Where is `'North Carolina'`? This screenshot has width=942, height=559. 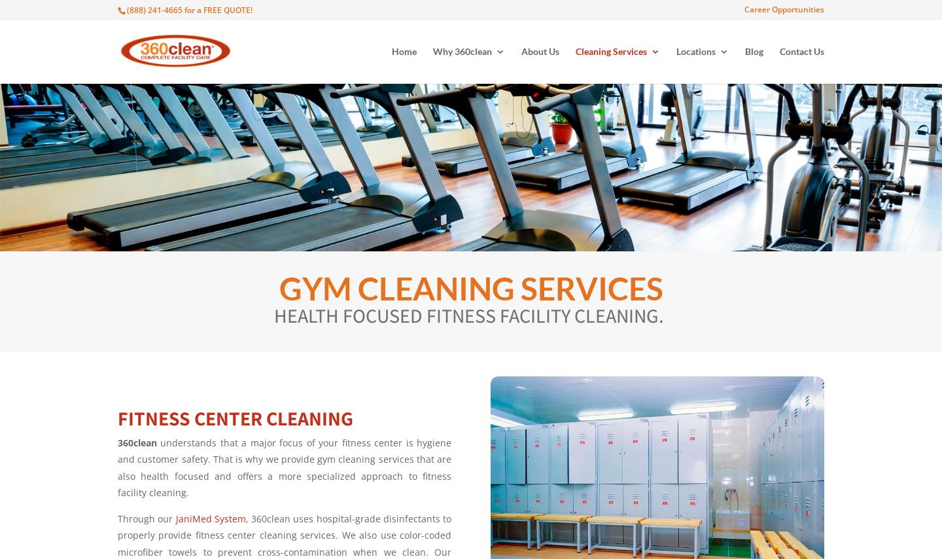
'North Carolina' is located at coordinates (702, 268).